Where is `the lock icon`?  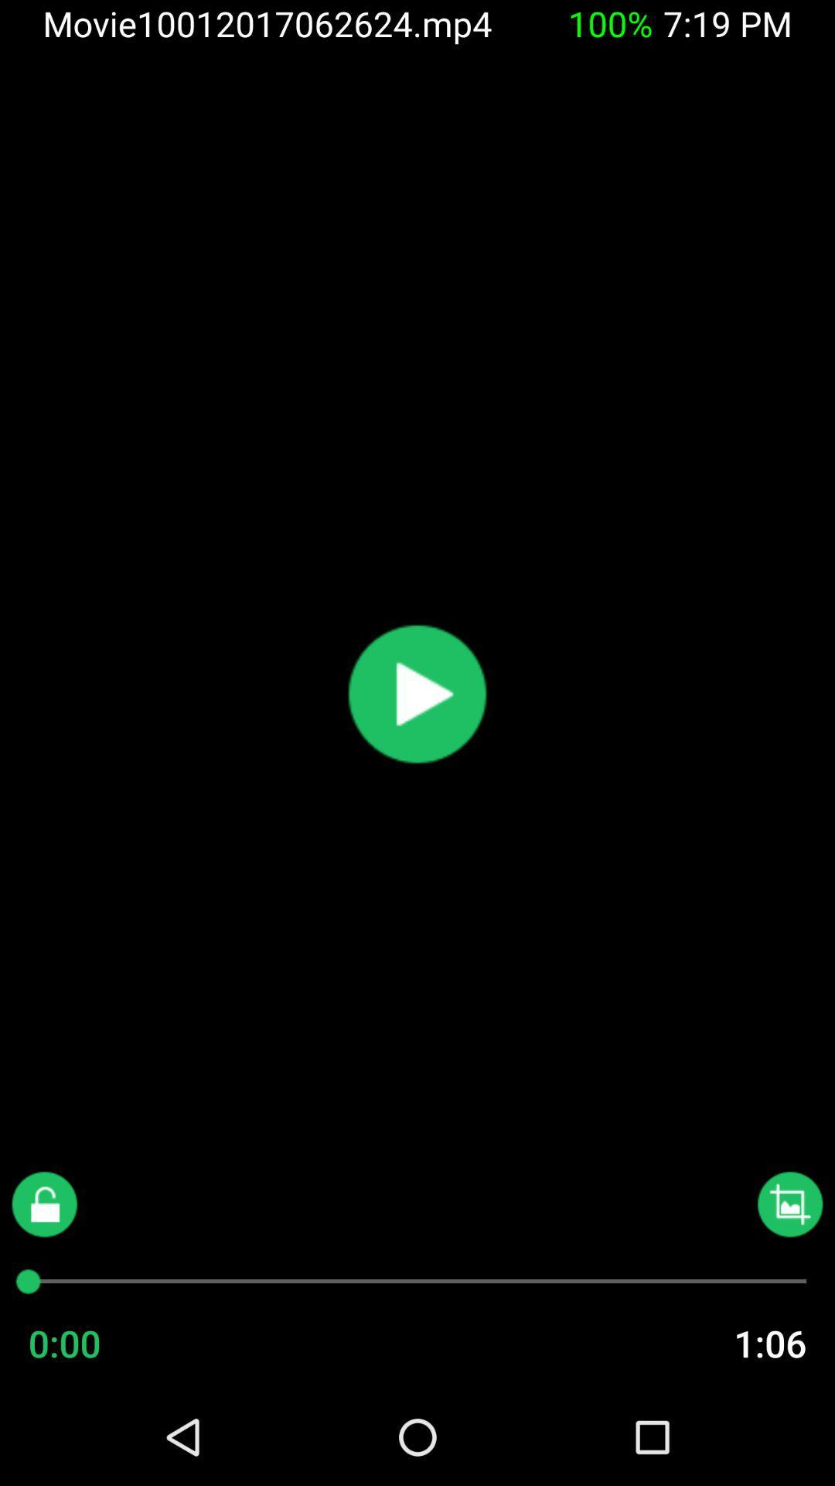 the lock icon is located at coordinates (43, 1289).